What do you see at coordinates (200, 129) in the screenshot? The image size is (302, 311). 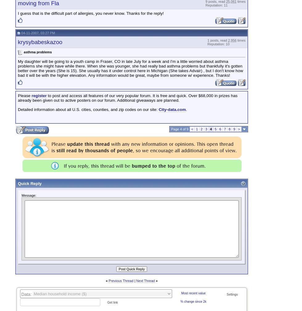 I see `'2'` at bounding box center [200, 129].